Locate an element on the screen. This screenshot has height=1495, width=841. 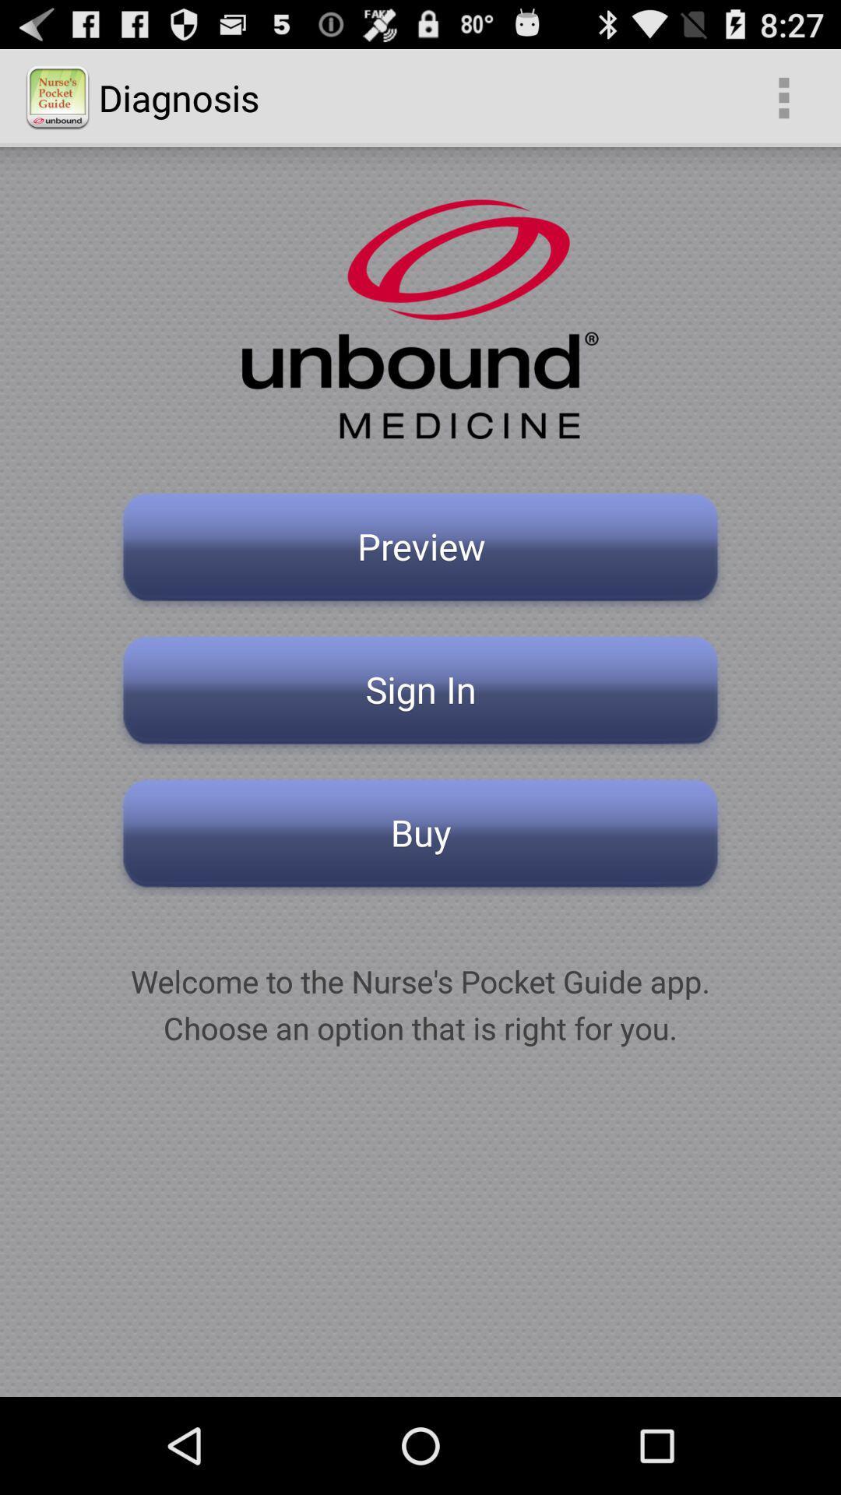
the buy button is located at coordinates (420, 837).